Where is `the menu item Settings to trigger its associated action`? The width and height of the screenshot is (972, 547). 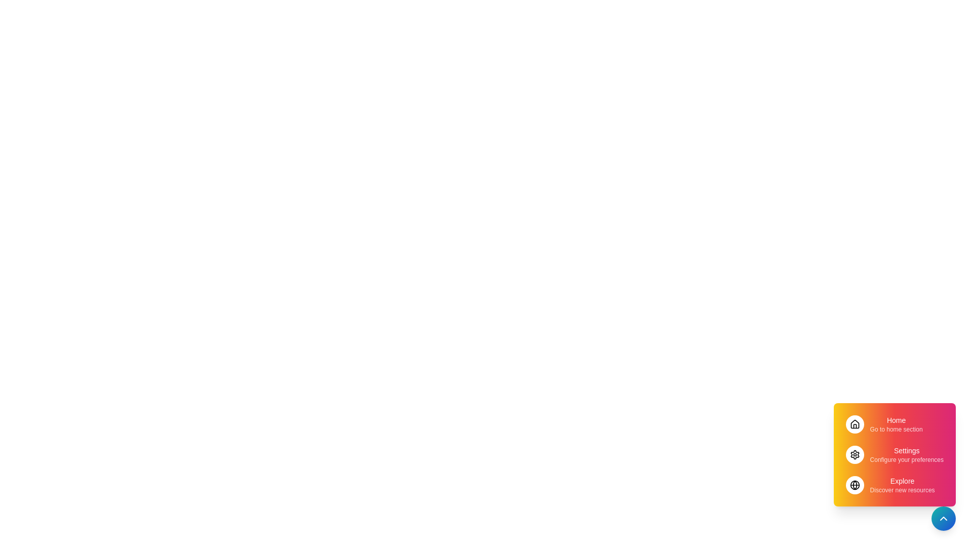
the menu item Settings to trigger its associated action is located at coordinates (894, 454).